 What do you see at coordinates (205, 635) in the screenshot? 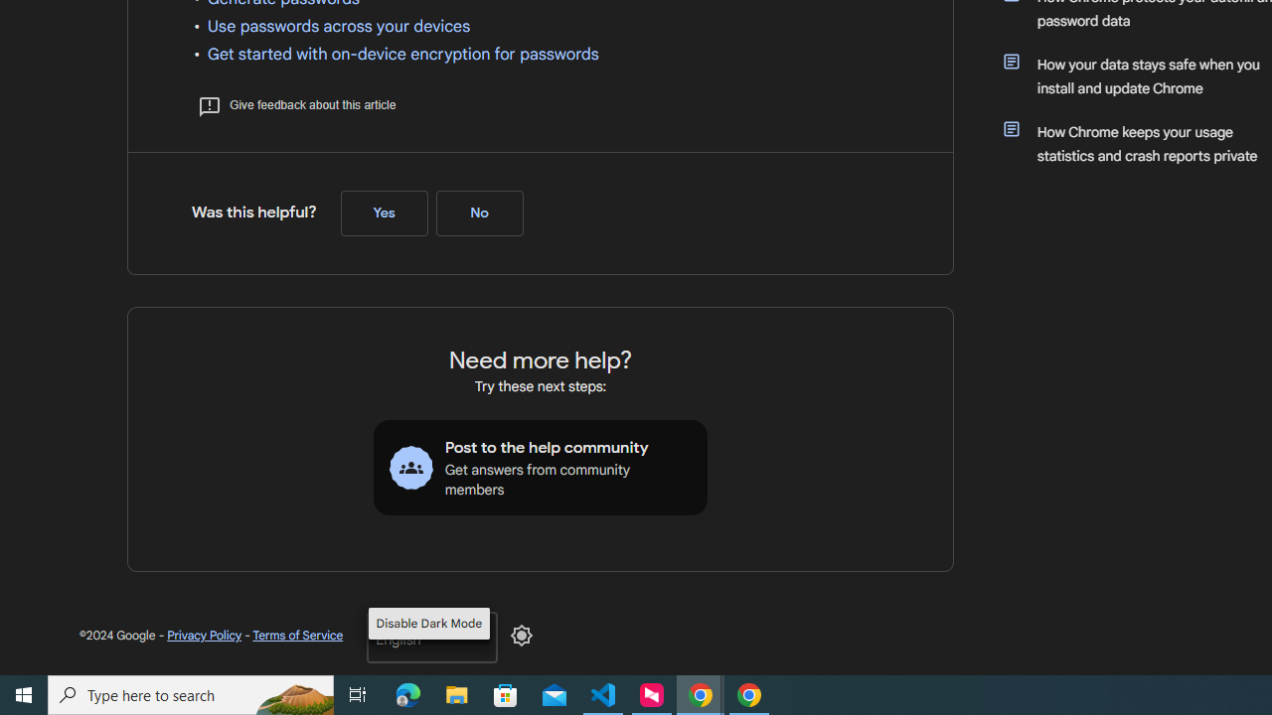
I see `'Privacy Policy'` at bounding box center [205, 635].